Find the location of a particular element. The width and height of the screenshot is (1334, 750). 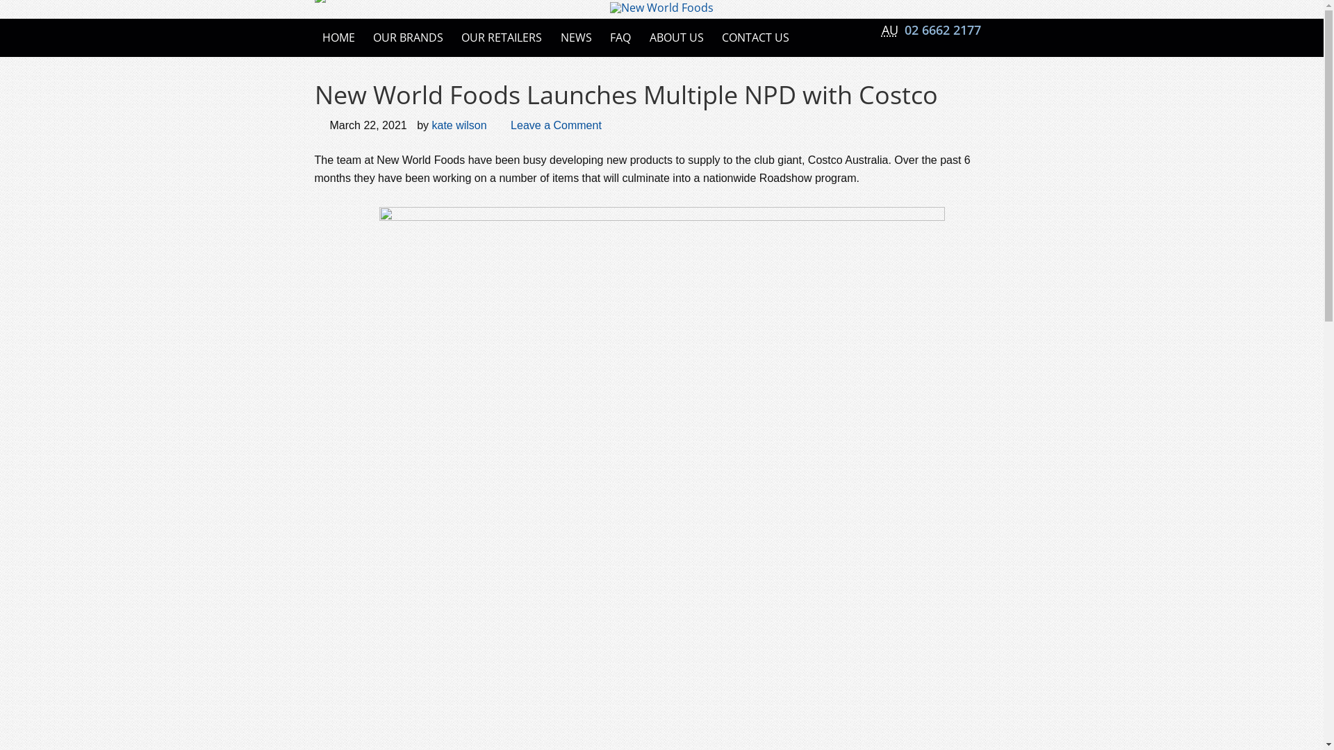

'OUR BRANDS' is located at coordinates (365, 37).